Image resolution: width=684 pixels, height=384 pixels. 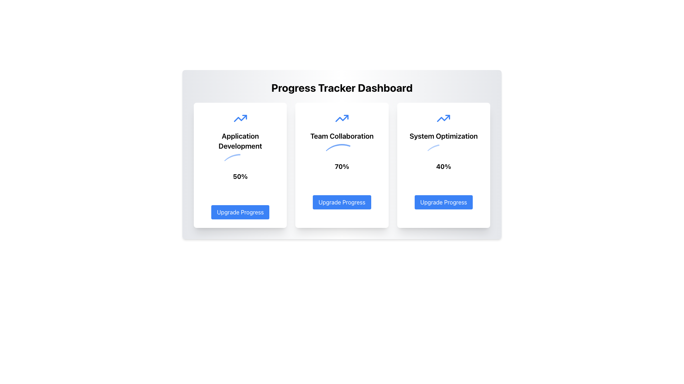 What do you see at coordinates (443, 167) in the screenshot?
I see `bold text displaying '40%' in the 'System Optimization' section of the 'Progress Tracker Dashboard'` at bounding box center [443, 167].